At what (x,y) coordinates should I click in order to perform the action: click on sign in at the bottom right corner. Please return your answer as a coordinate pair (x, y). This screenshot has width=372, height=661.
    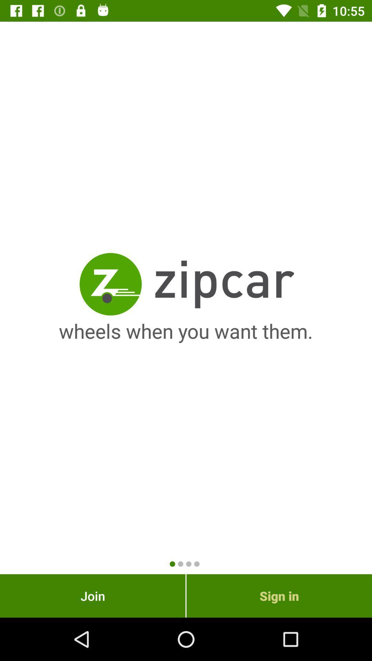
    Looking at the image, I should click on (279, 596).